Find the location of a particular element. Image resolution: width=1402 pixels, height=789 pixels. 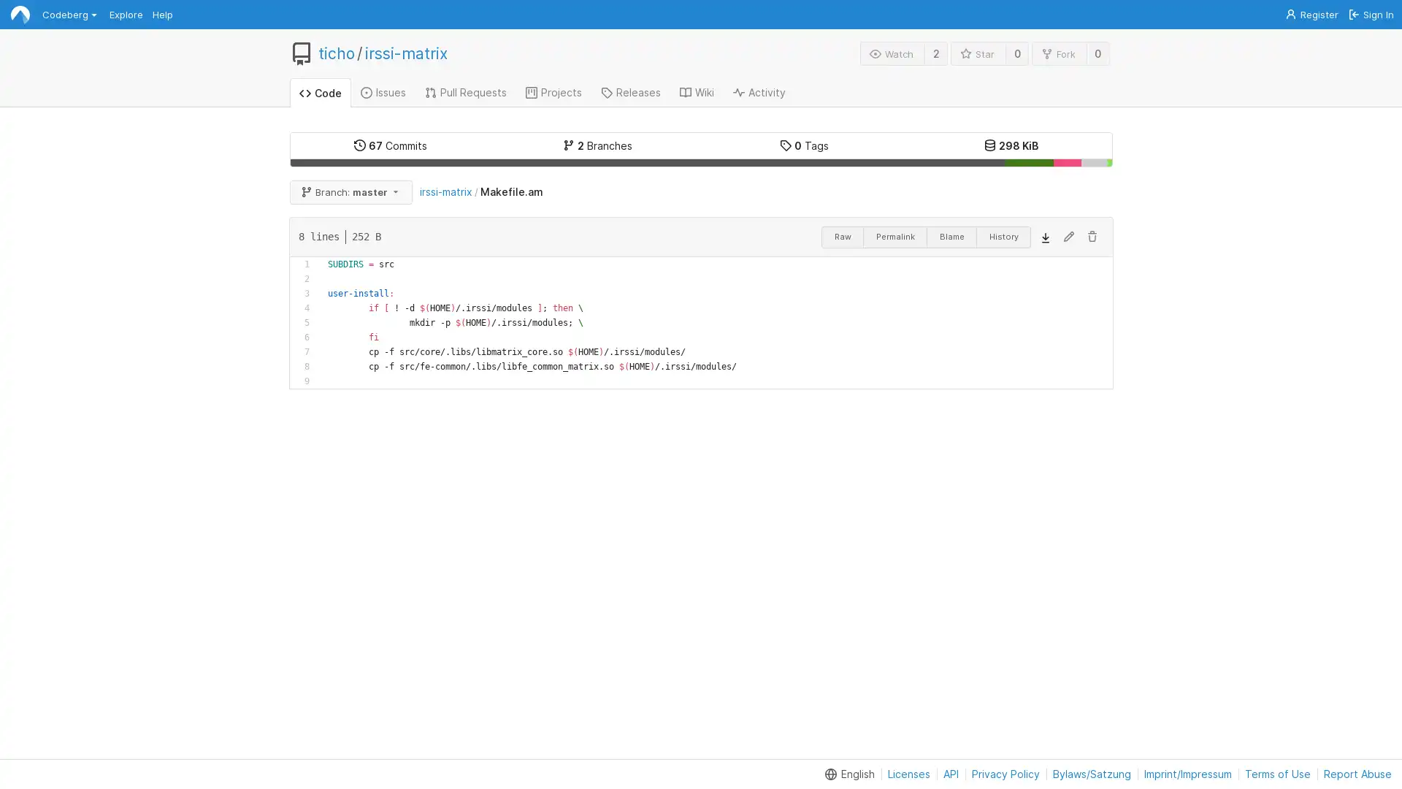

Watch is located at coordinates (892, 53).